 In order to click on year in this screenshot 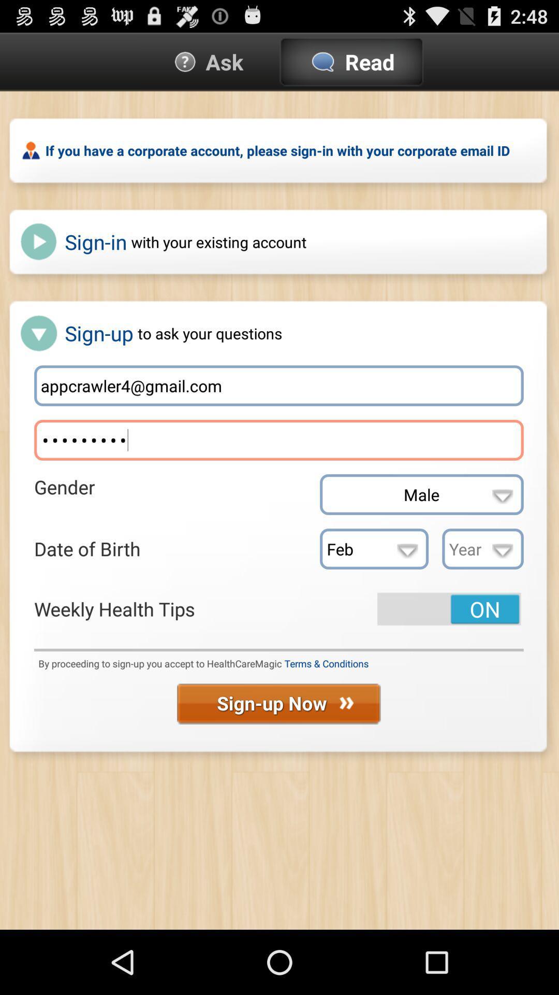, I will do `click(483, 548)`.